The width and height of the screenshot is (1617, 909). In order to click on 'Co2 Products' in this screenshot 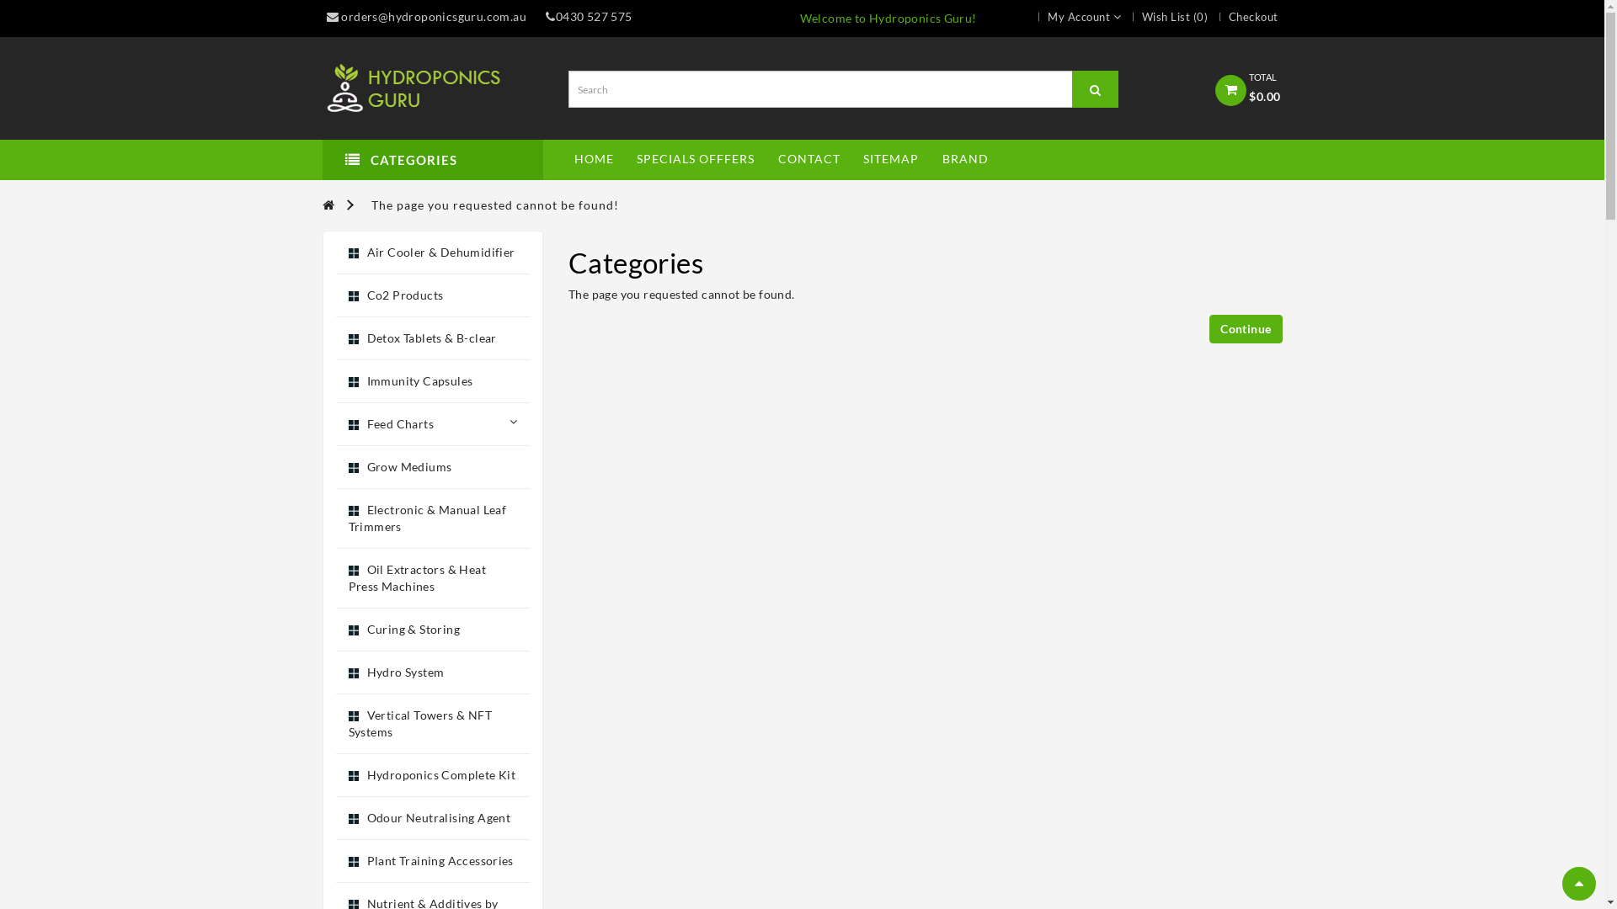, I will do `click(432, 295)`.